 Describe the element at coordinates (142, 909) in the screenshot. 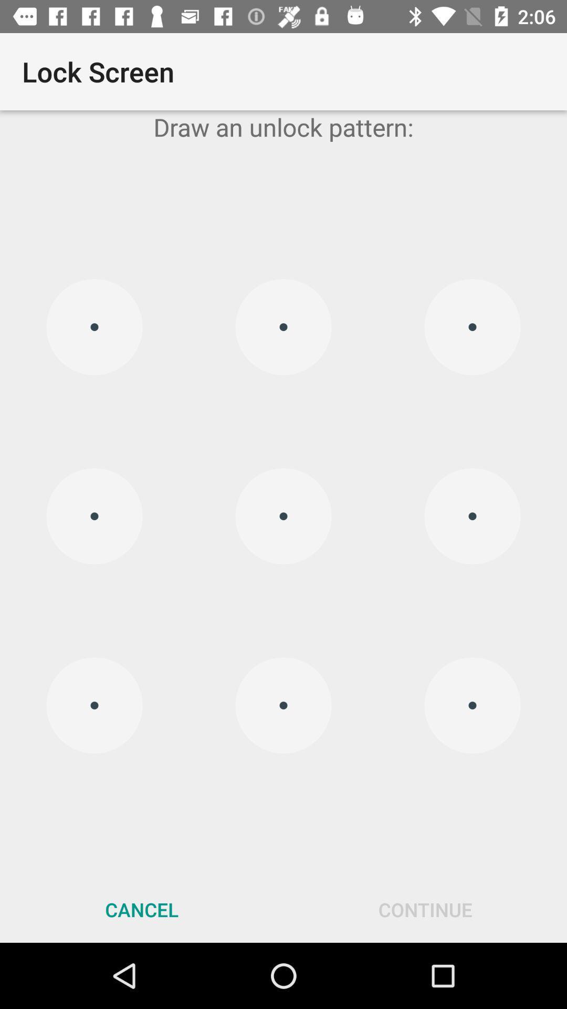

I see `the button next to continue` at that location.